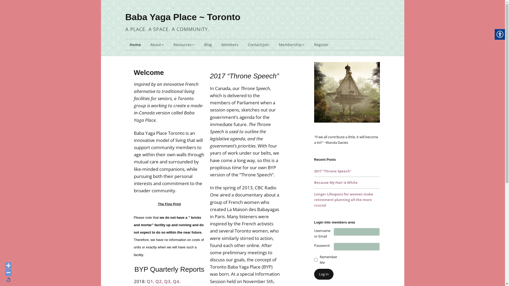 This screenshot has height=286, width=509. What do you see at coordinates (208, 44) in the screenshot?
I see `'Blog'` at bounding box center [208, 44].